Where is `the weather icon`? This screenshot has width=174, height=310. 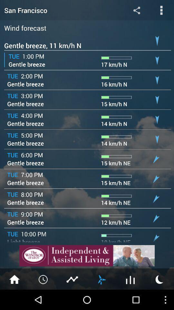 the weather icon is located at coordinates (101, 299).